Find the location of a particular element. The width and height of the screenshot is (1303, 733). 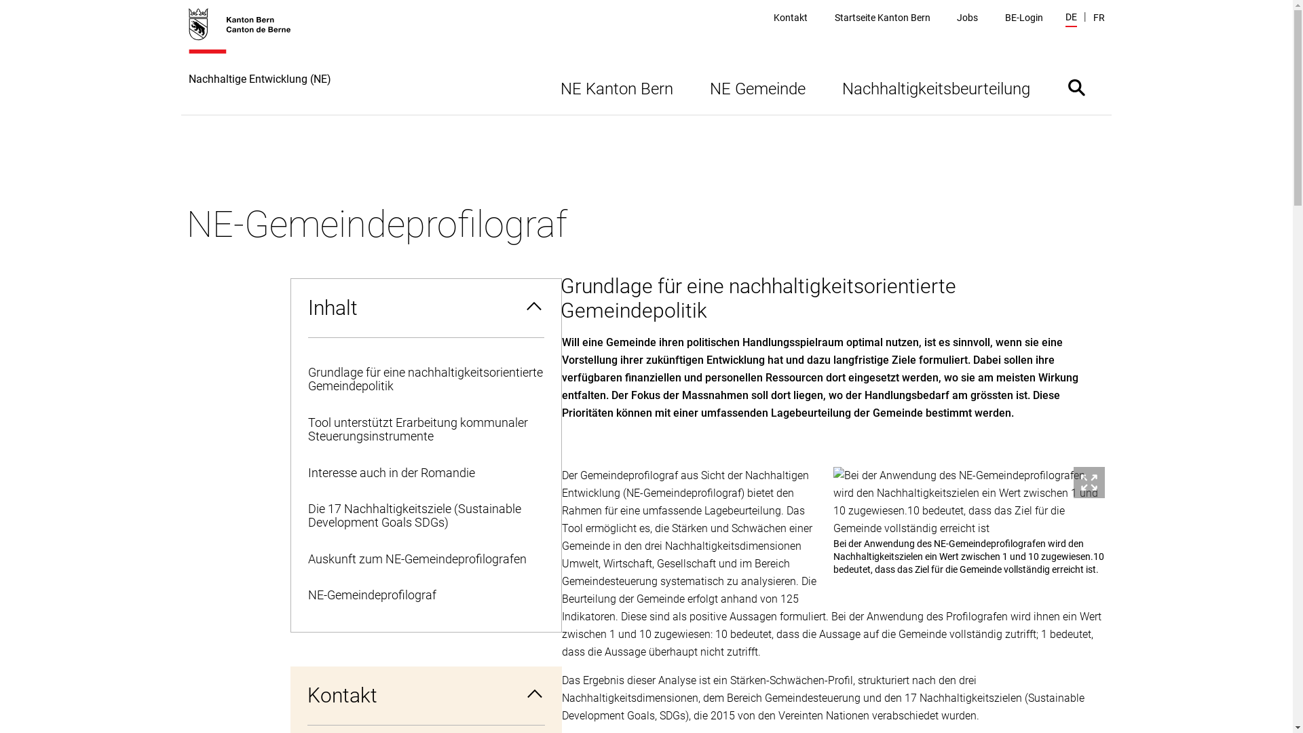

'Nachhaltige Entwicklung (NE)' is located at coordinates (260, 60).